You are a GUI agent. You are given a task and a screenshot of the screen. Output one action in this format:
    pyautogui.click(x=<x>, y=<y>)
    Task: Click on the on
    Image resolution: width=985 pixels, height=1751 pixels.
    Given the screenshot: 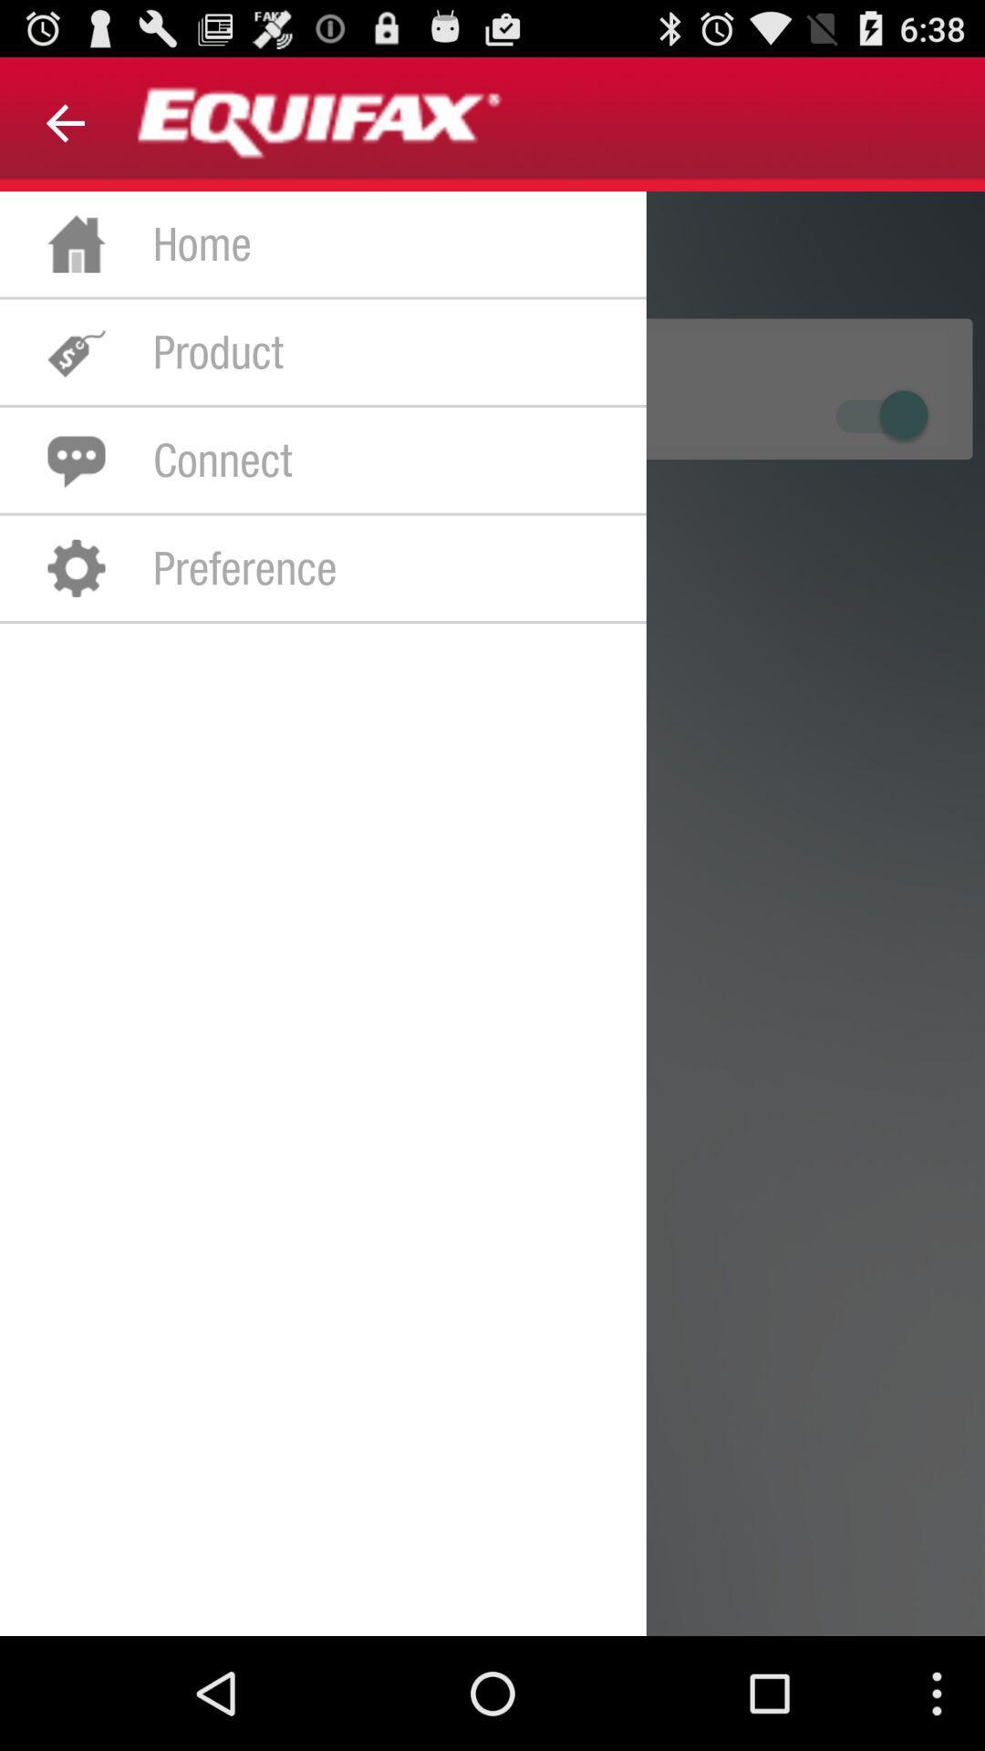 What is the action you would take?
    pyautogui.click(x=878, y=413)
    